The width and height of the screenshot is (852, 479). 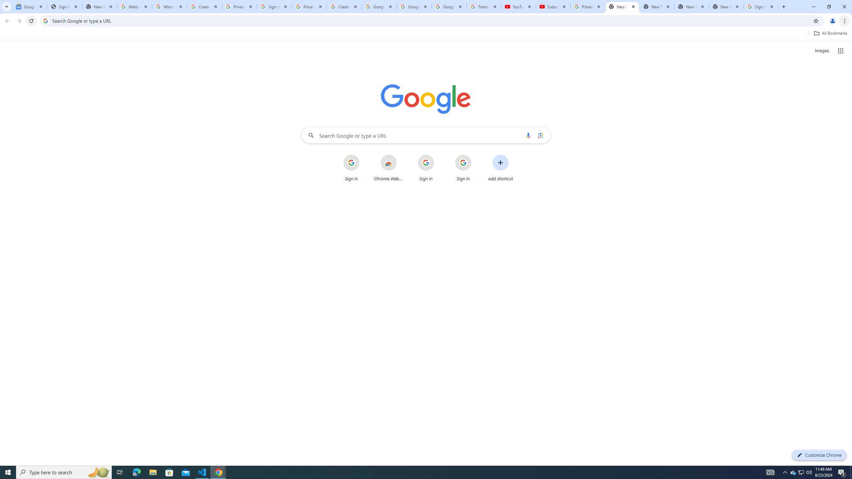 I want to click on 'Subscriptions - YouTube', so click(x=552, y=6).